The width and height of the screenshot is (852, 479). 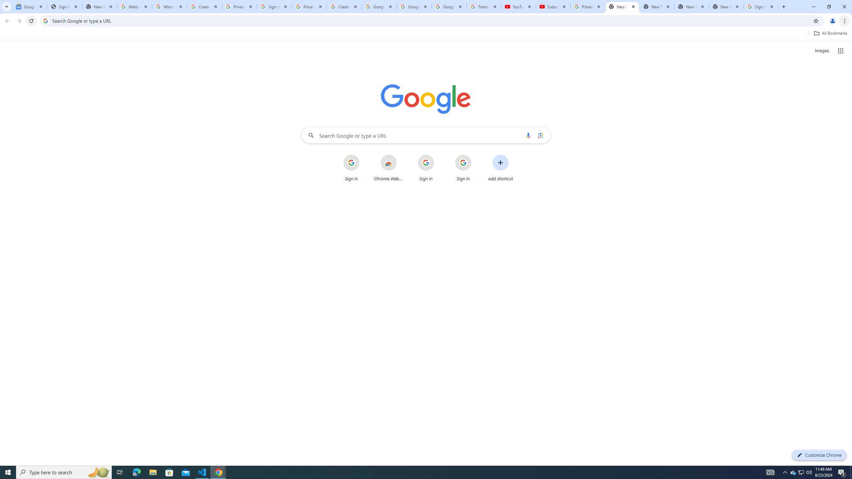 I want to click on 'Subscriptions - YouTube', so click(x=552, y=6).